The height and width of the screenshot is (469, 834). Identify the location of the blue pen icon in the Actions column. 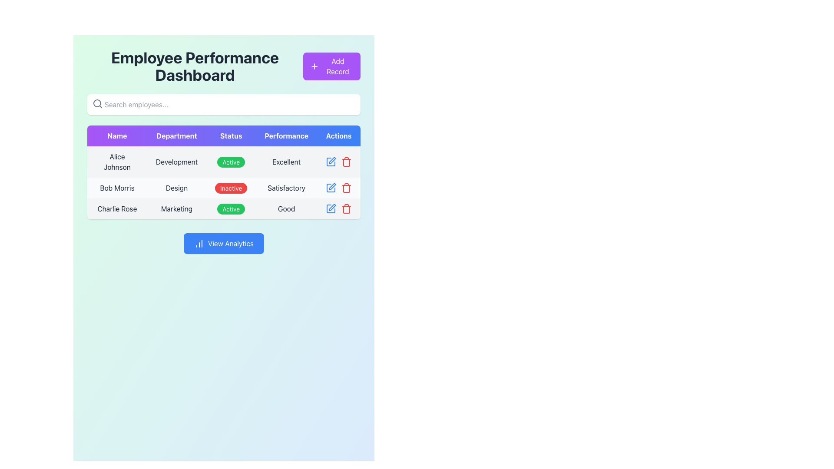
(338, 209).